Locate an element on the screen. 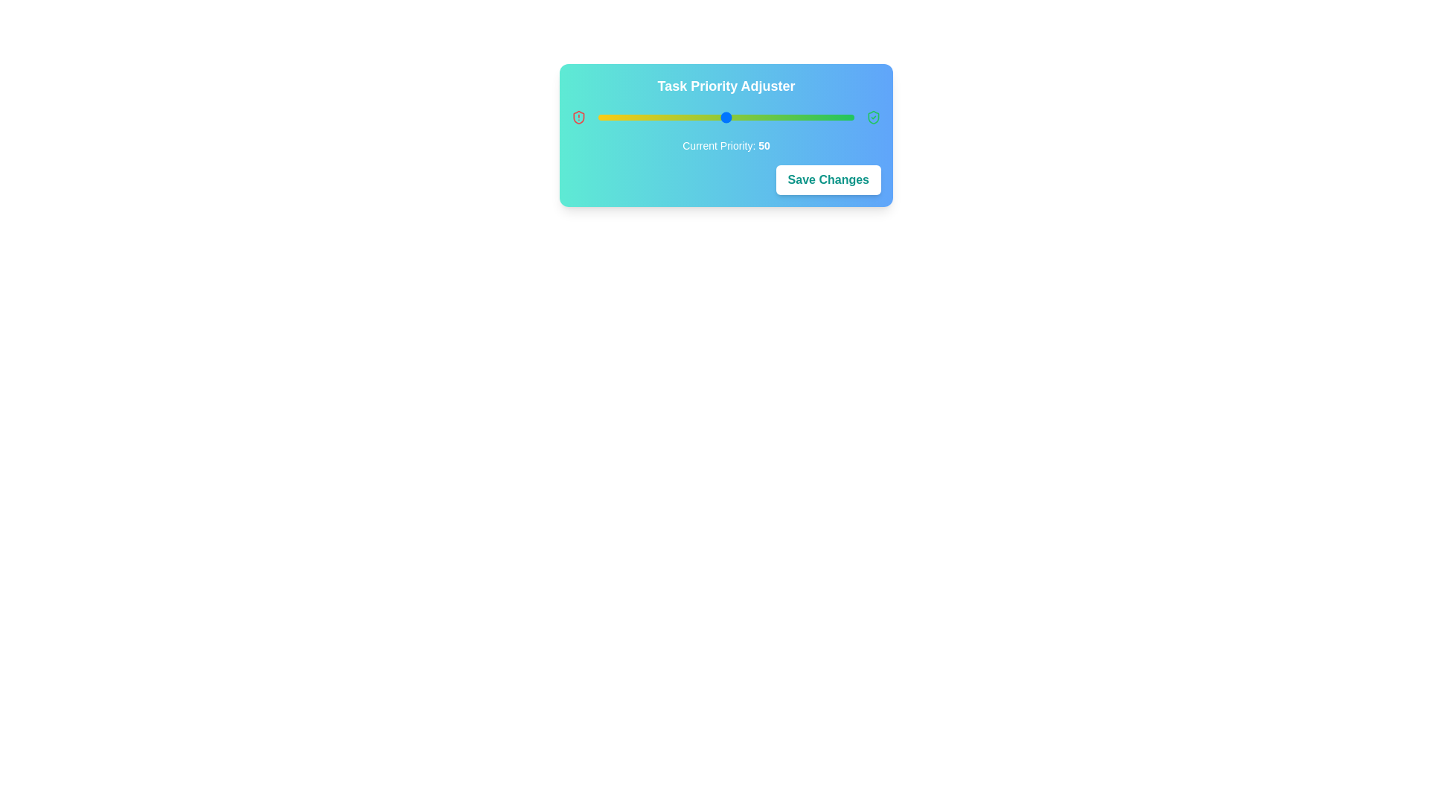 The width and height of the screenshot is (1429, 804). the priority slider to 19 by clicking on the slider track is located at coordinates (647, 117).